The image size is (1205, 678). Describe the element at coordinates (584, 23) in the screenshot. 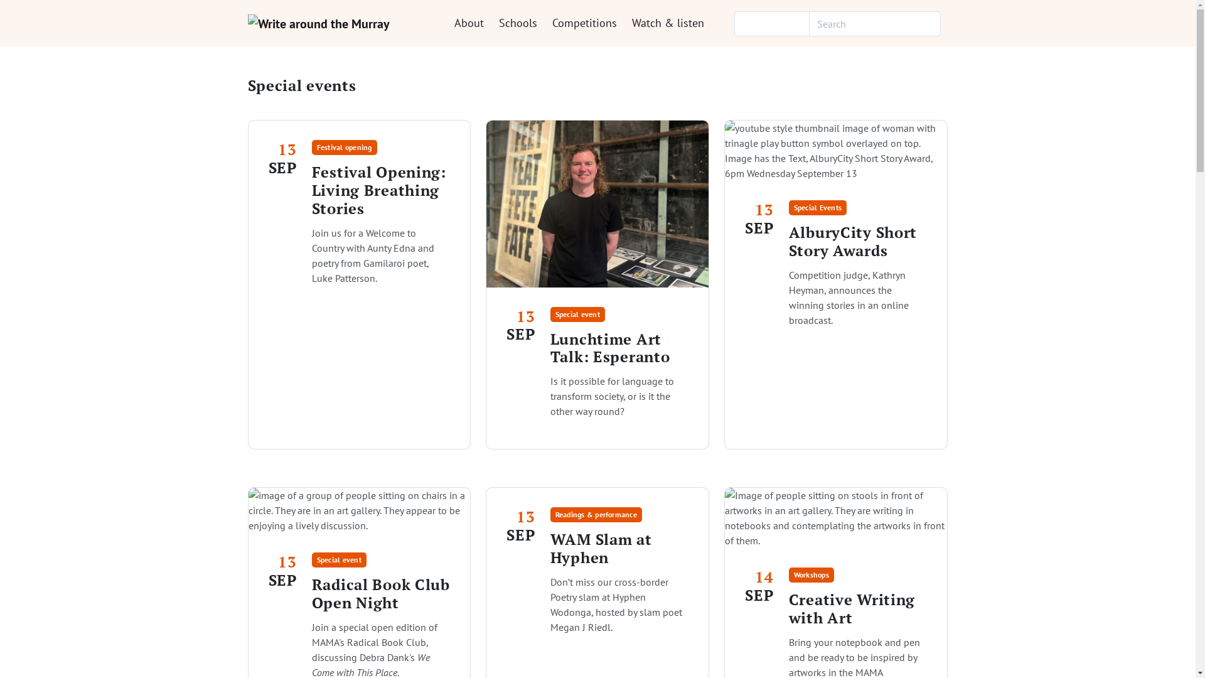

I see `'Competitions'` at that location.